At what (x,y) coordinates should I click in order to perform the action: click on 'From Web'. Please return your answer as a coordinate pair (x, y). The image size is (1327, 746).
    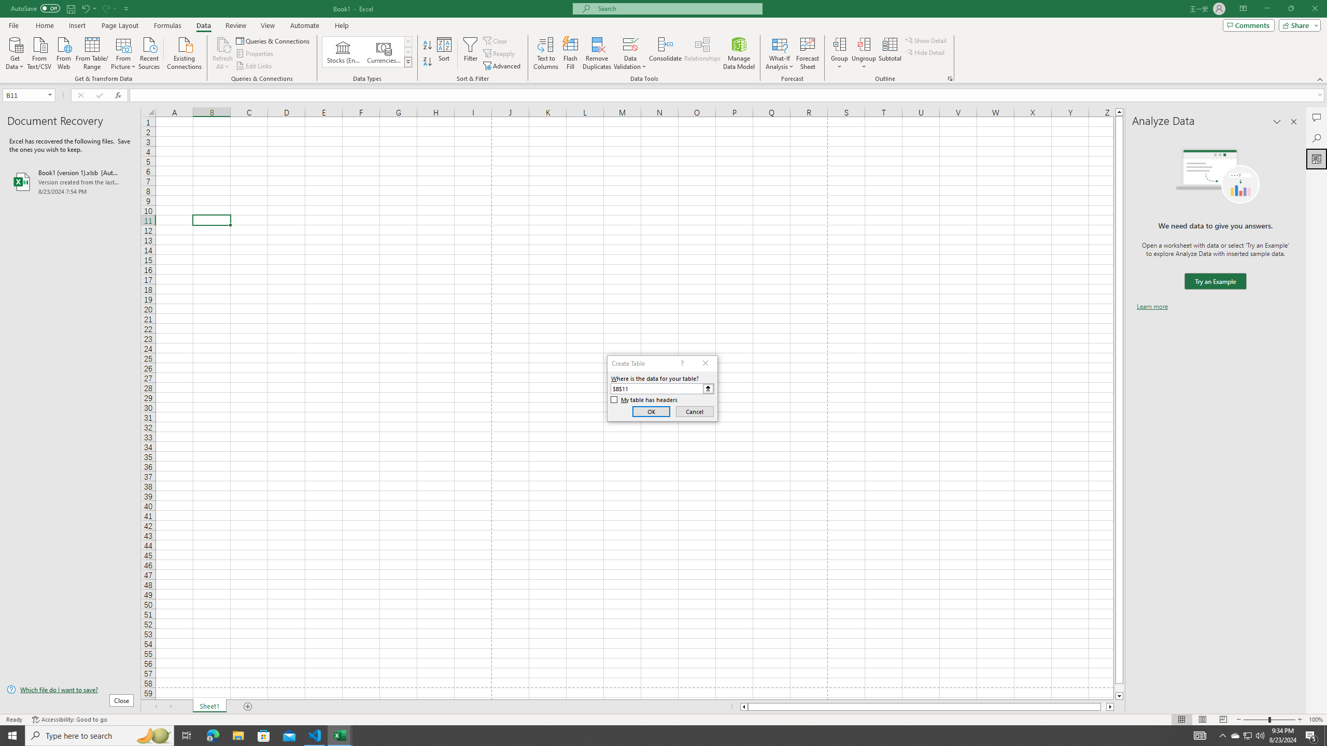
    Looking at the image, I should click on (63, 52).